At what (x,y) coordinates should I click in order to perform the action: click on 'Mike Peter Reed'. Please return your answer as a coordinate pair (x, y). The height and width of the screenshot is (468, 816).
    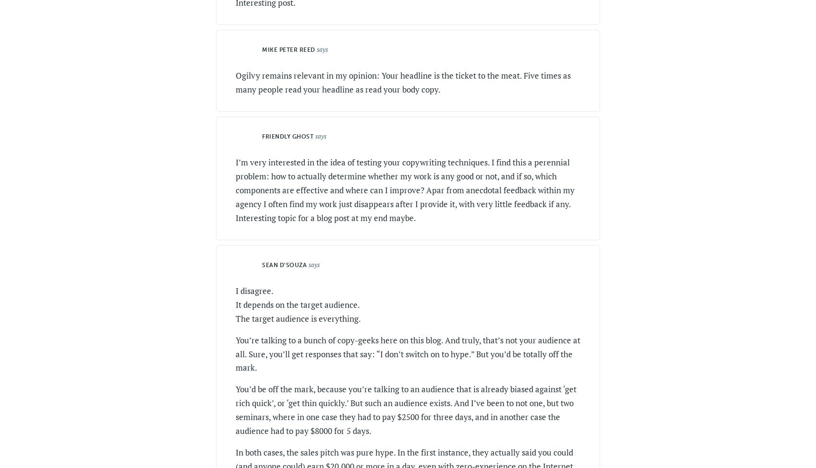
    Looking at the image, I should click on (288, 50).